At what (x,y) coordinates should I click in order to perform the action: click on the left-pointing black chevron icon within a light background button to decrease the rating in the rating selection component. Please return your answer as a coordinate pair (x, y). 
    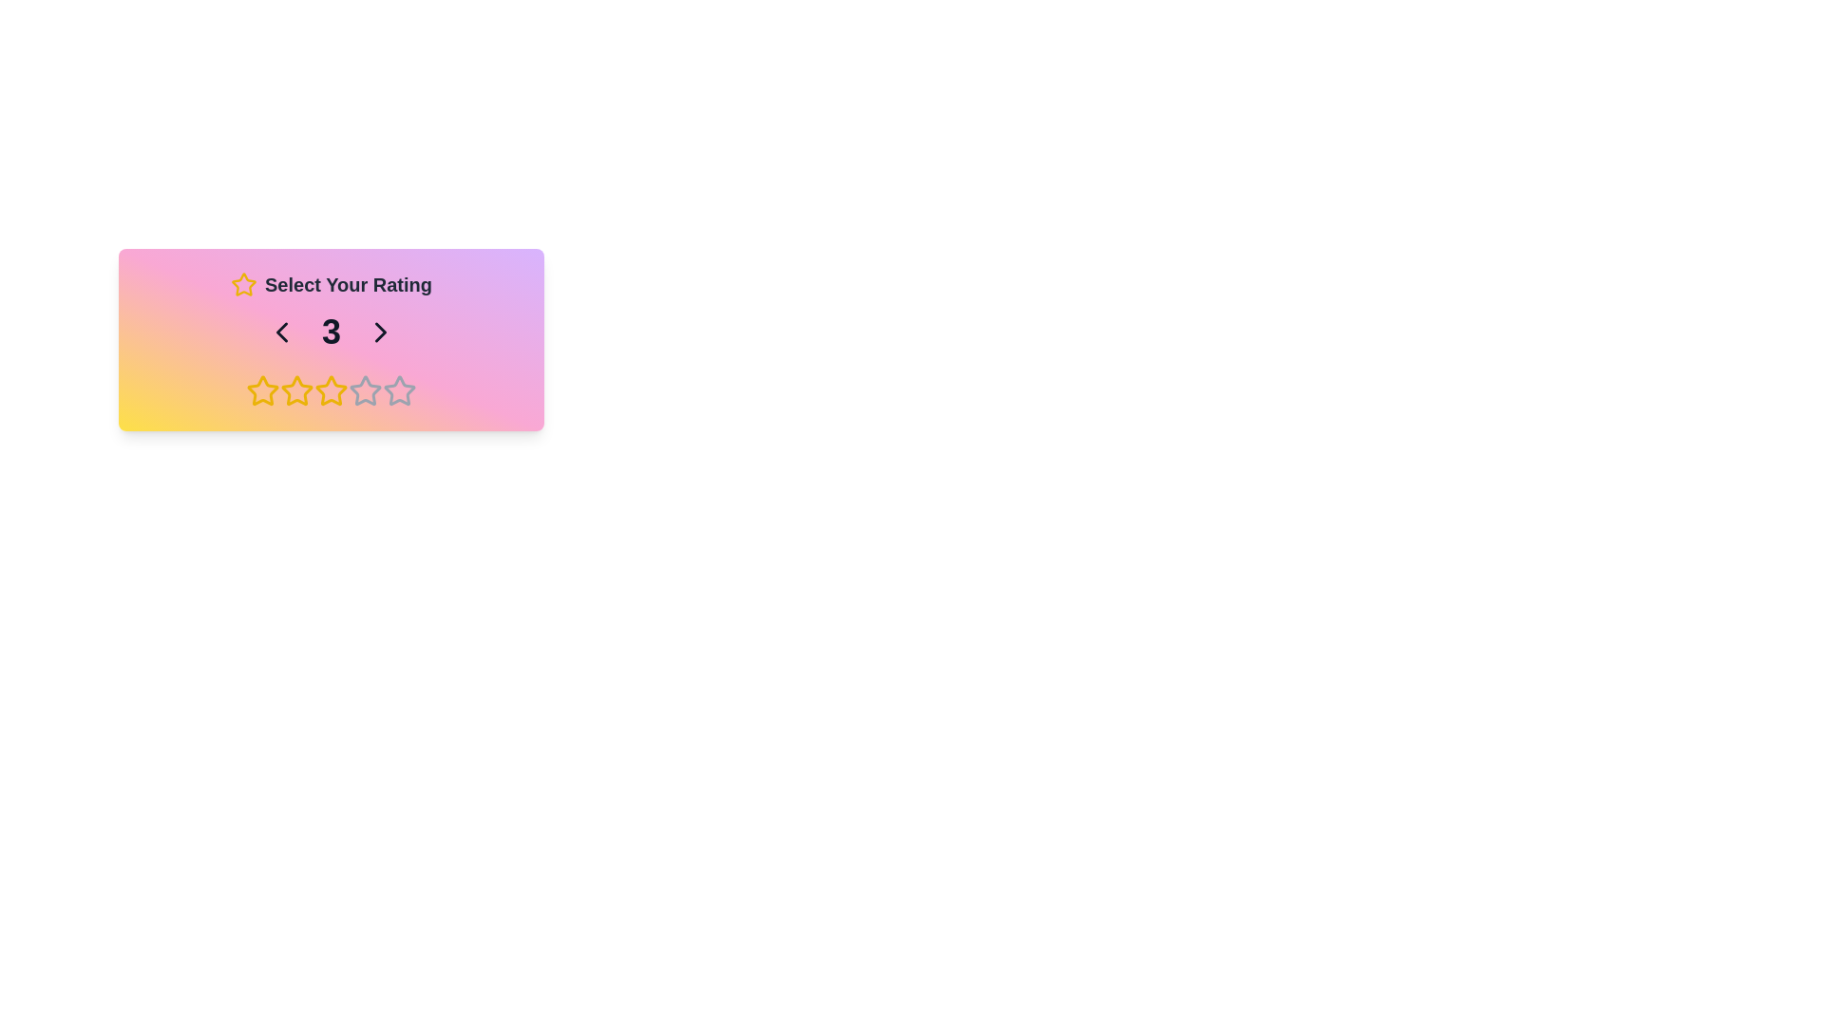
    Looking at the image, I should click on (281, 332).